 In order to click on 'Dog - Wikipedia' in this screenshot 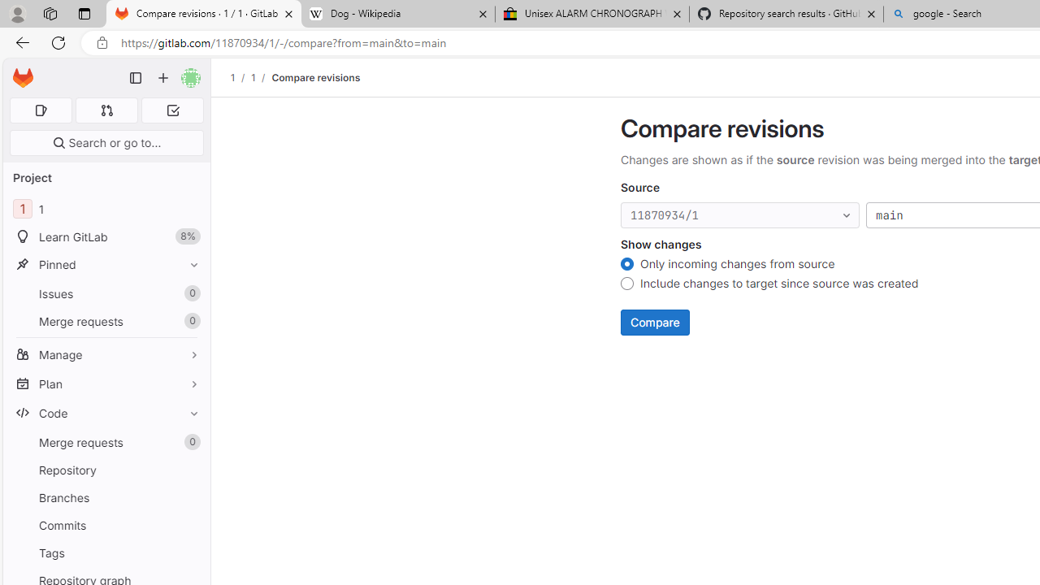, I will do `click(398, 14)`.